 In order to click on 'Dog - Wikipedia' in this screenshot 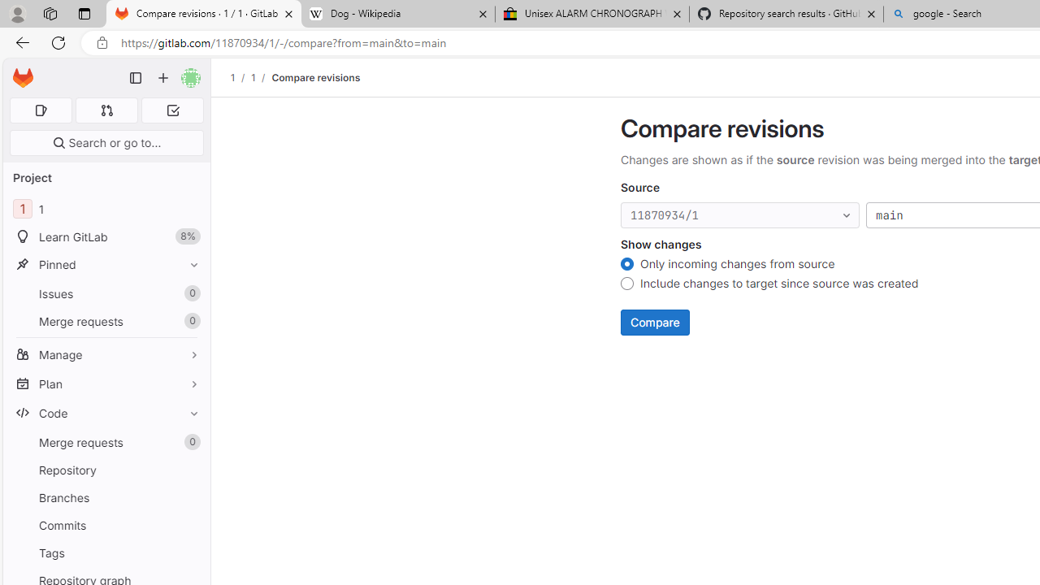, I will do `click(398, 14)`.